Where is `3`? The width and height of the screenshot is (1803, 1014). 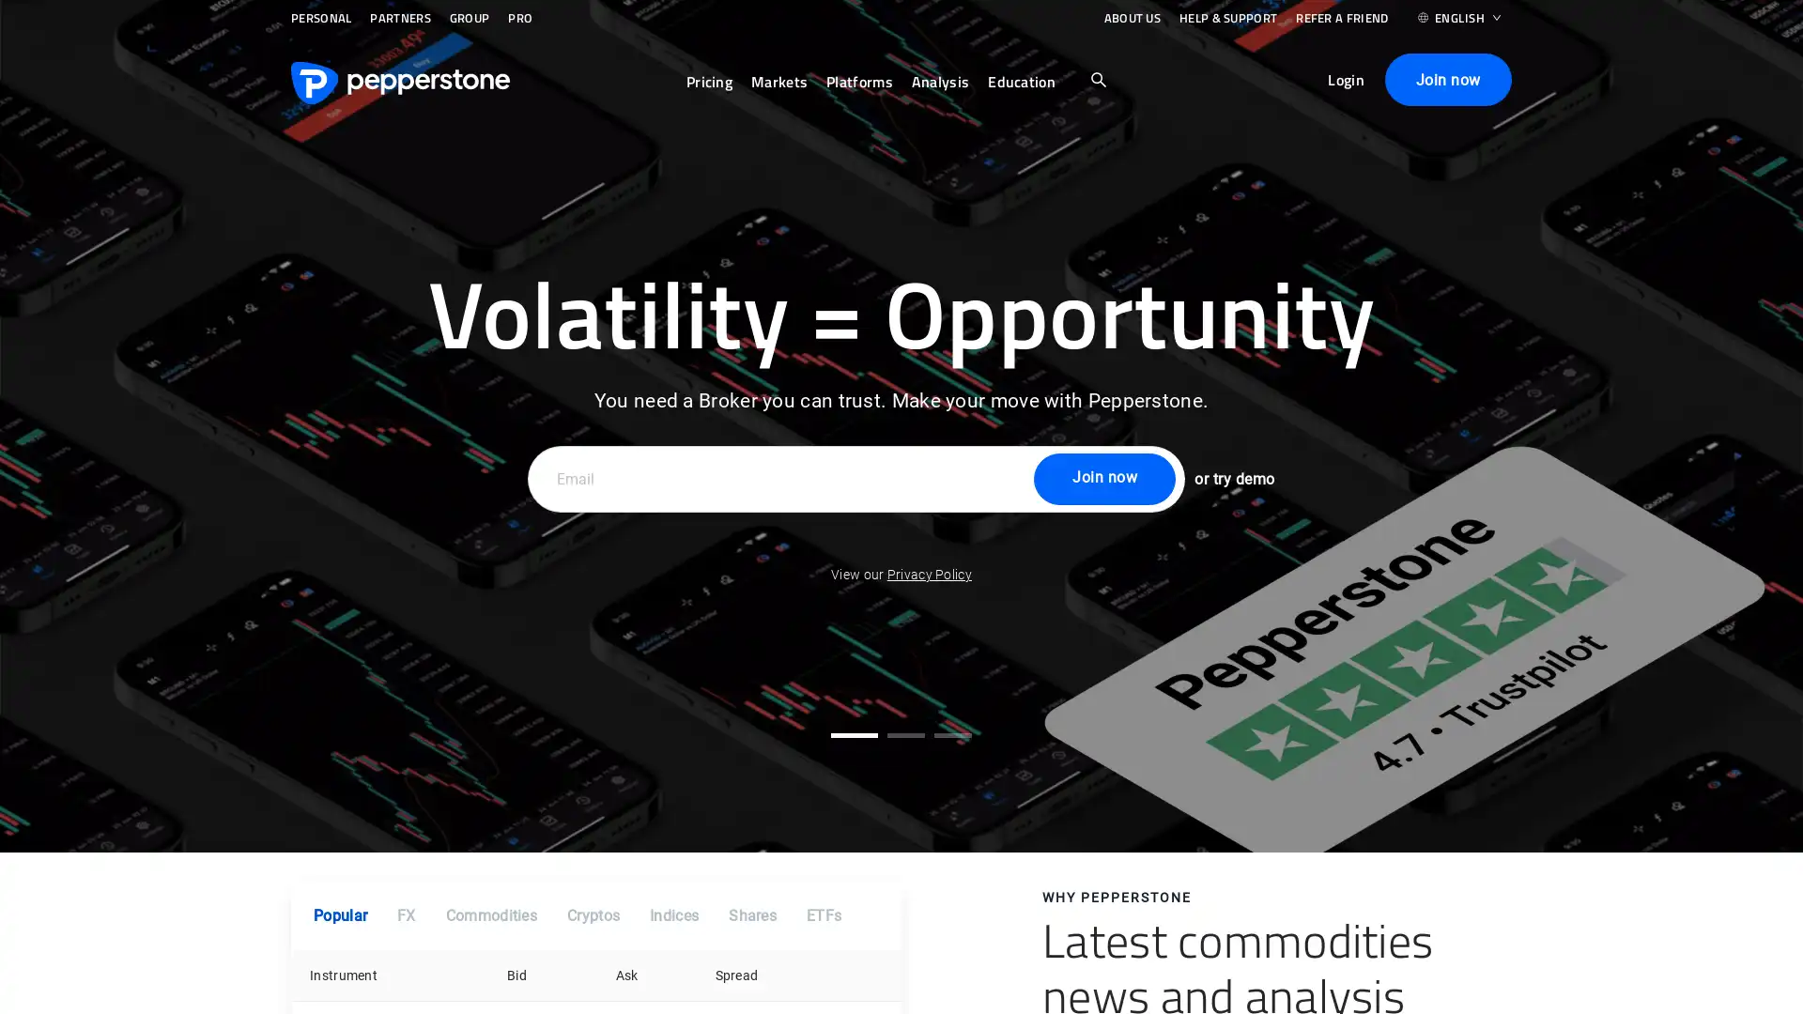
3 is located at coordinates (952, 733).